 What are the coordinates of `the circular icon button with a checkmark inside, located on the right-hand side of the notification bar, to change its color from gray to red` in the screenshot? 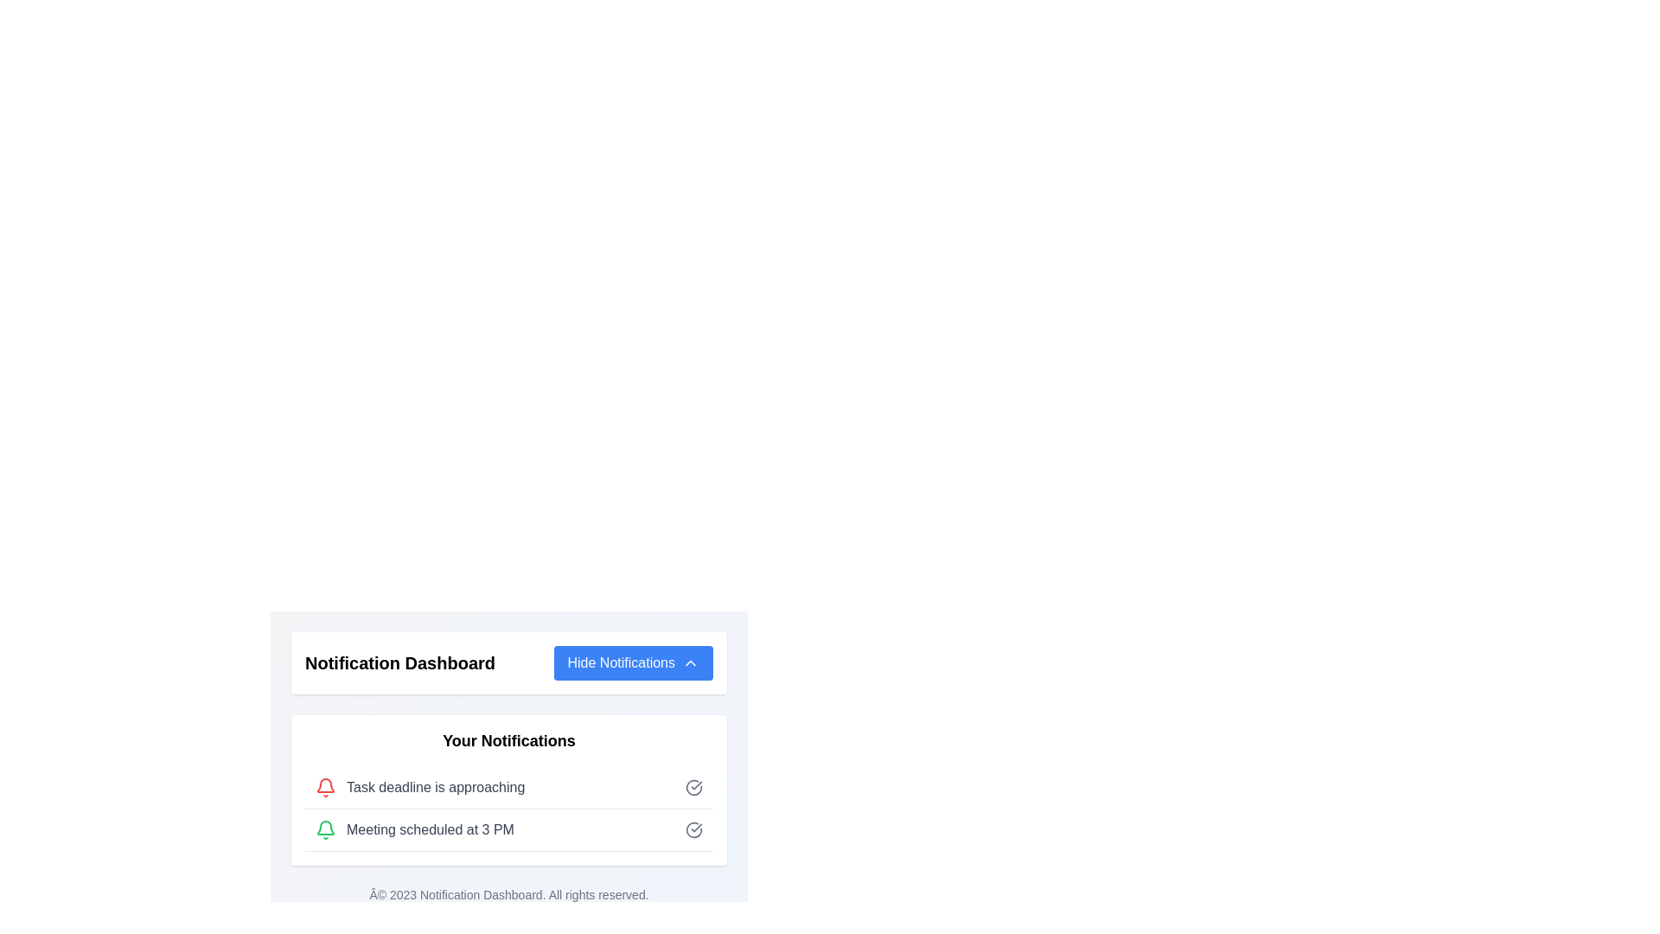 It's located at (693, 829).